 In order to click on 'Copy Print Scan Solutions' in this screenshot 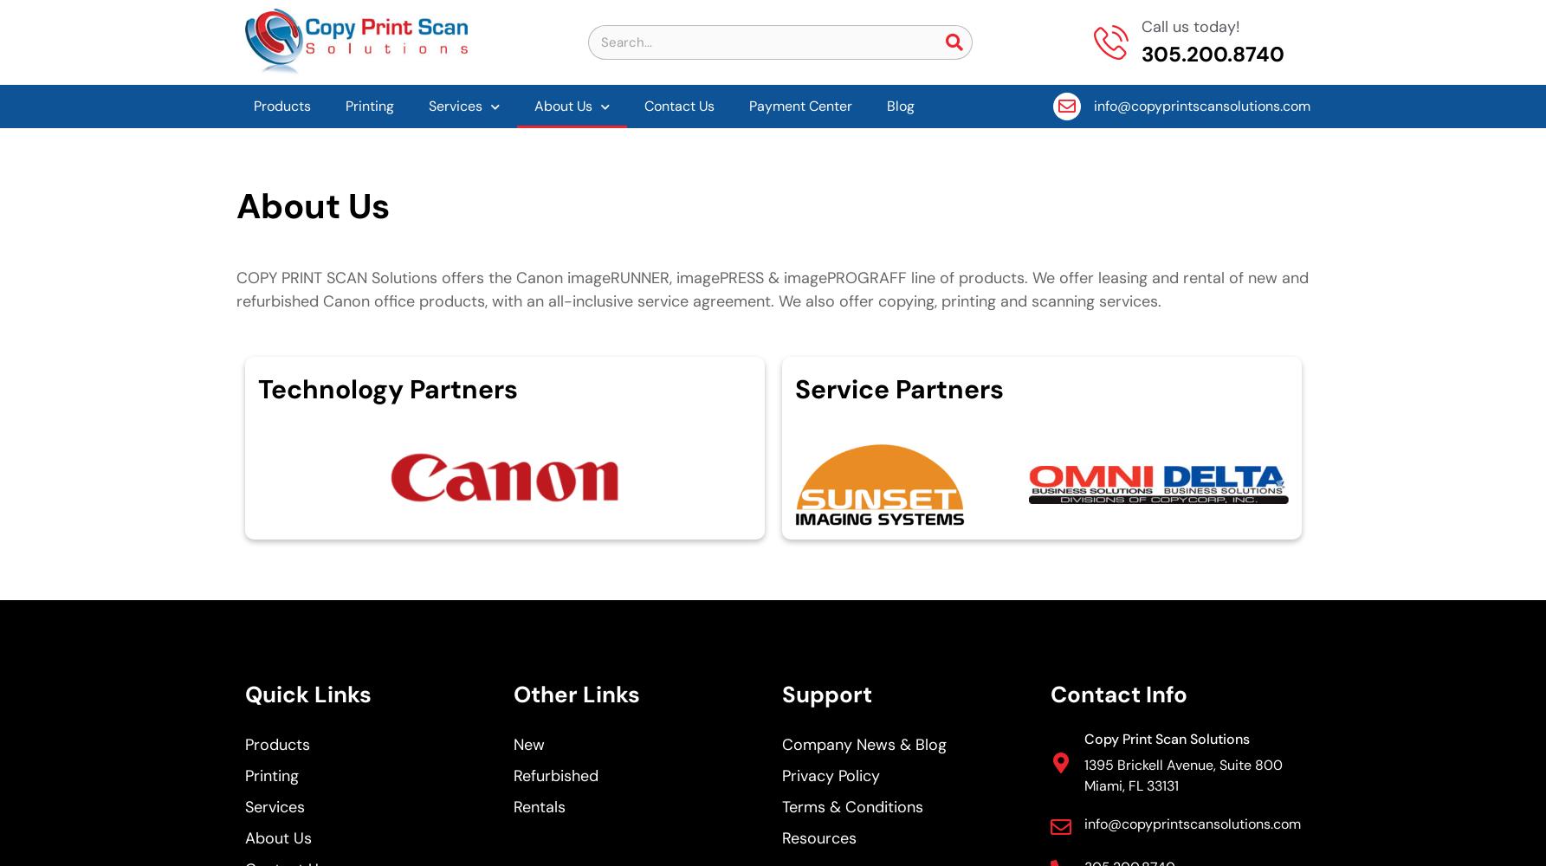, I will do `click(1166, 738)`.